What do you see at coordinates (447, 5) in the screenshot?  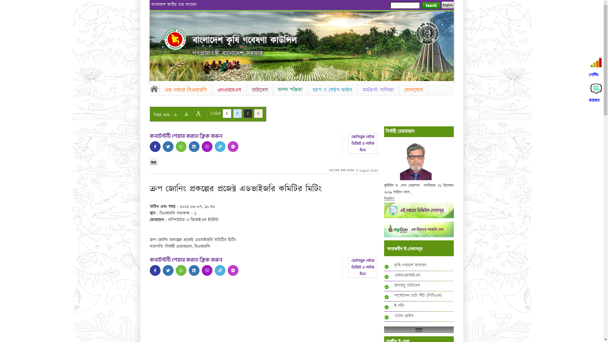 I see `'English'` at bounding box center [447, 5].